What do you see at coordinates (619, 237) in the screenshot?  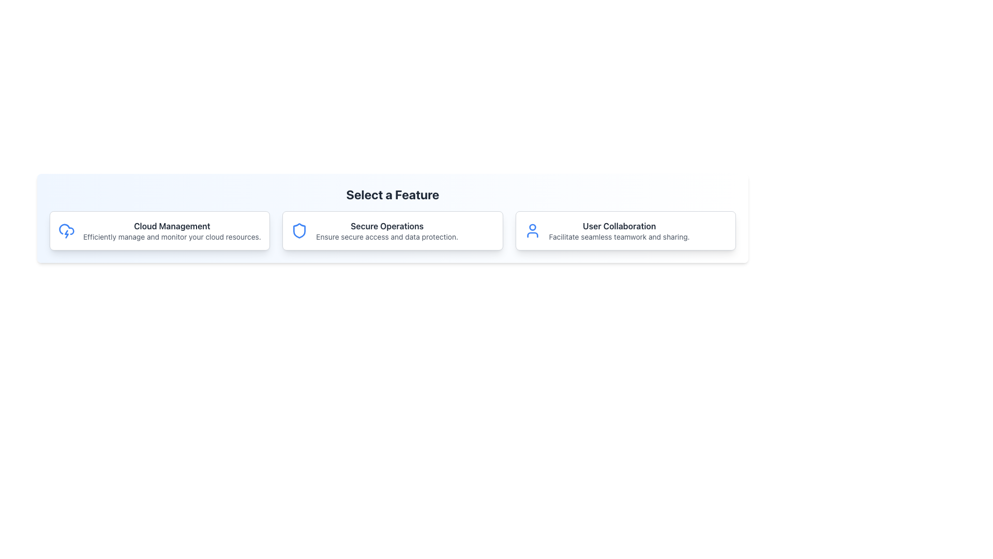 I see `the text label that says 'Facilitate seamless teamwork and sharing.' which is styled in gray and located below the title 'User Collaboration' in the rightmost card of the feature list` at bounding box center [619, 237].